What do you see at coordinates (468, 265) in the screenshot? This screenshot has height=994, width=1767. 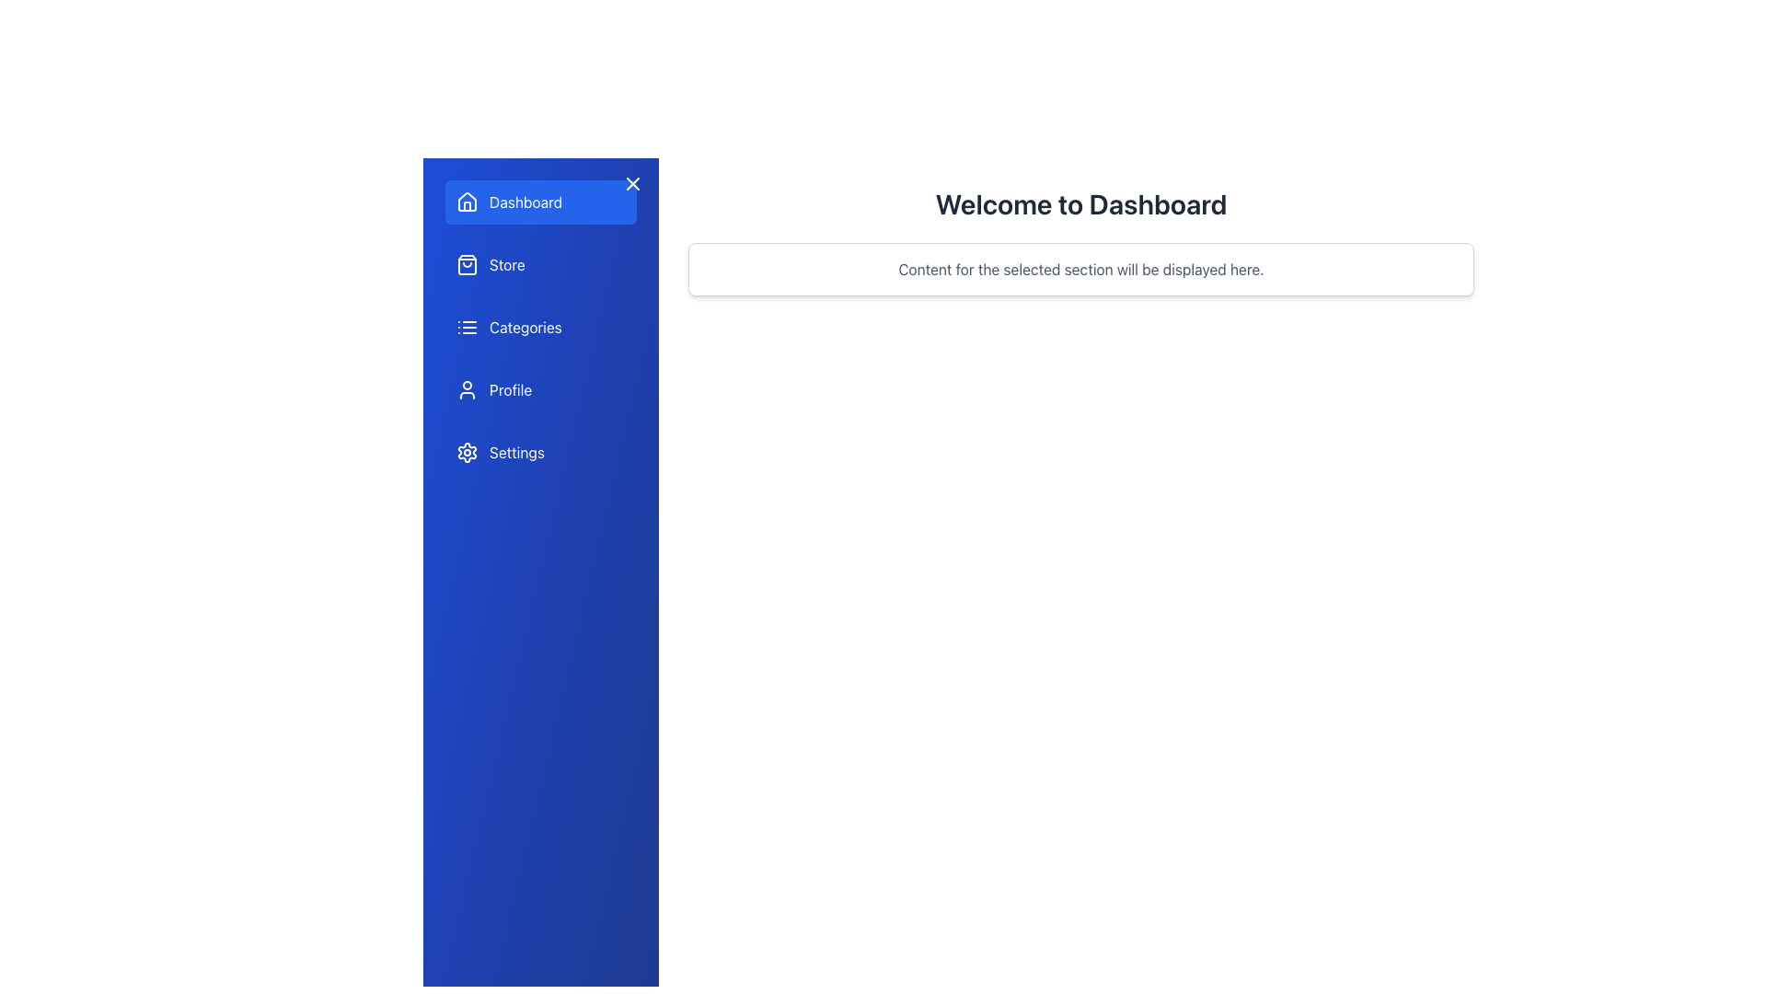 I see `the icon representing the 'Store' navigation option in the vertical menu on the left sidebar` at bounding box center [468, 265].